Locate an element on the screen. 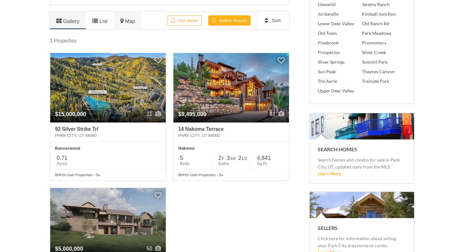 The width and height of the screenshot is (464, 252). 'Search Homes' is located at coordinates (337, 149).